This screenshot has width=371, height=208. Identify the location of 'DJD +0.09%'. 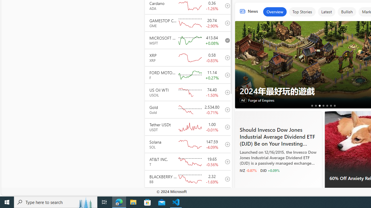
(270, 170).